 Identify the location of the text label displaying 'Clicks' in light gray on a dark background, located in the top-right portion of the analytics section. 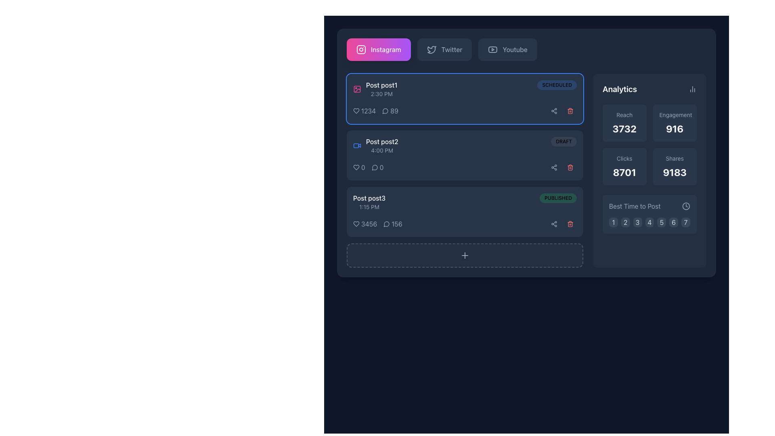
(624, 159).